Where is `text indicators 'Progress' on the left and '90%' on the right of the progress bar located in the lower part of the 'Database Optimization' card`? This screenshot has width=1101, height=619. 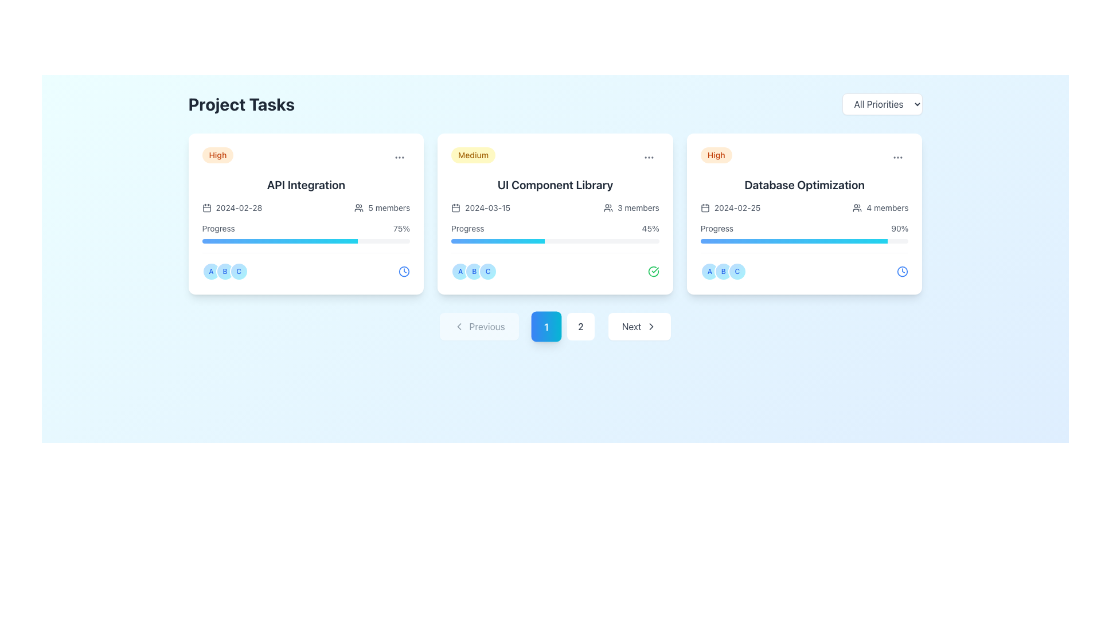 text indicators 'Progress' on the left and '90%' on the right of the progress bar located in the lower part of the 'Database Optimization' card is located at coordinates (804, 233).